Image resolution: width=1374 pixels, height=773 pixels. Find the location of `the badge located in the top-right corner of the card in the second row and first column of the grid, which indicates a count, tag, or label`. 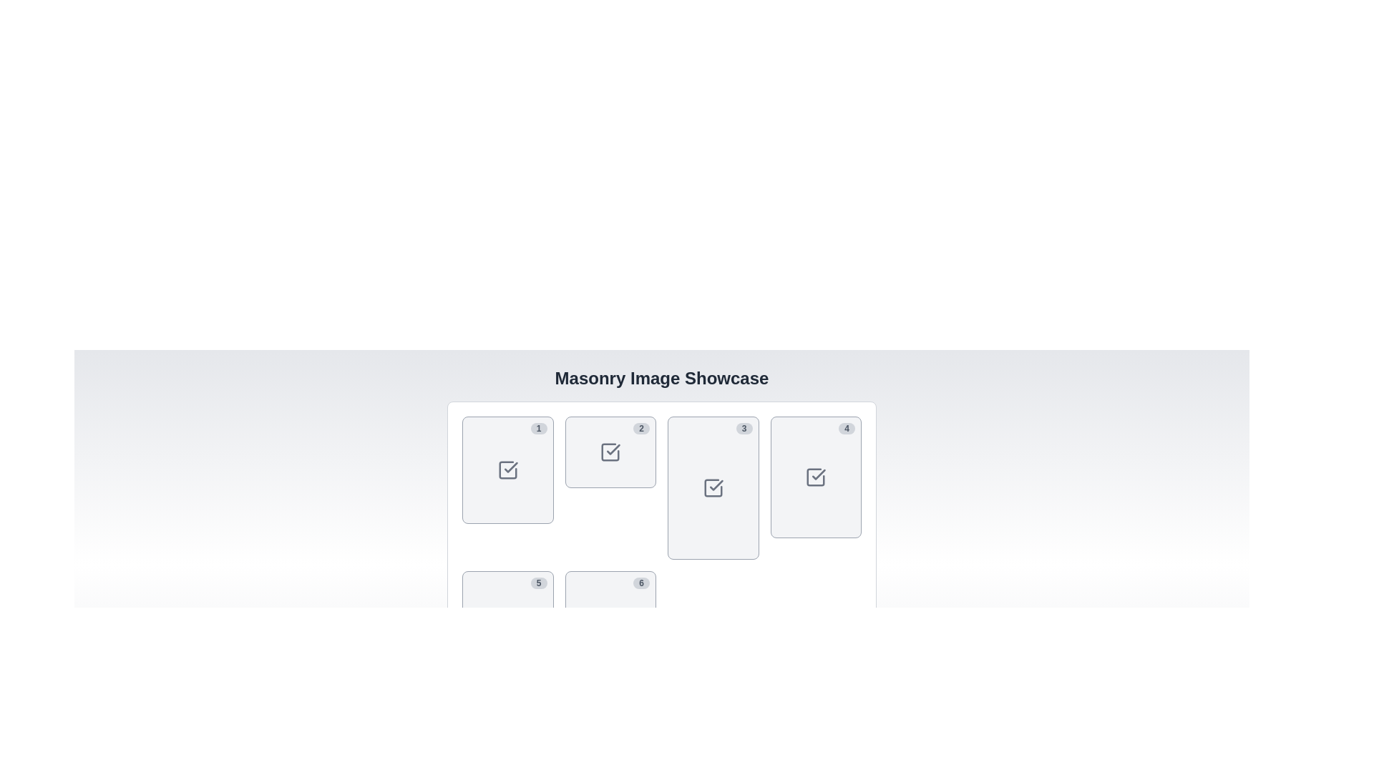

the badge located in the top-right corner of the card in the second row and first column of the grid, which indicates a count, tag, or label is located at coordinates (538, 583).